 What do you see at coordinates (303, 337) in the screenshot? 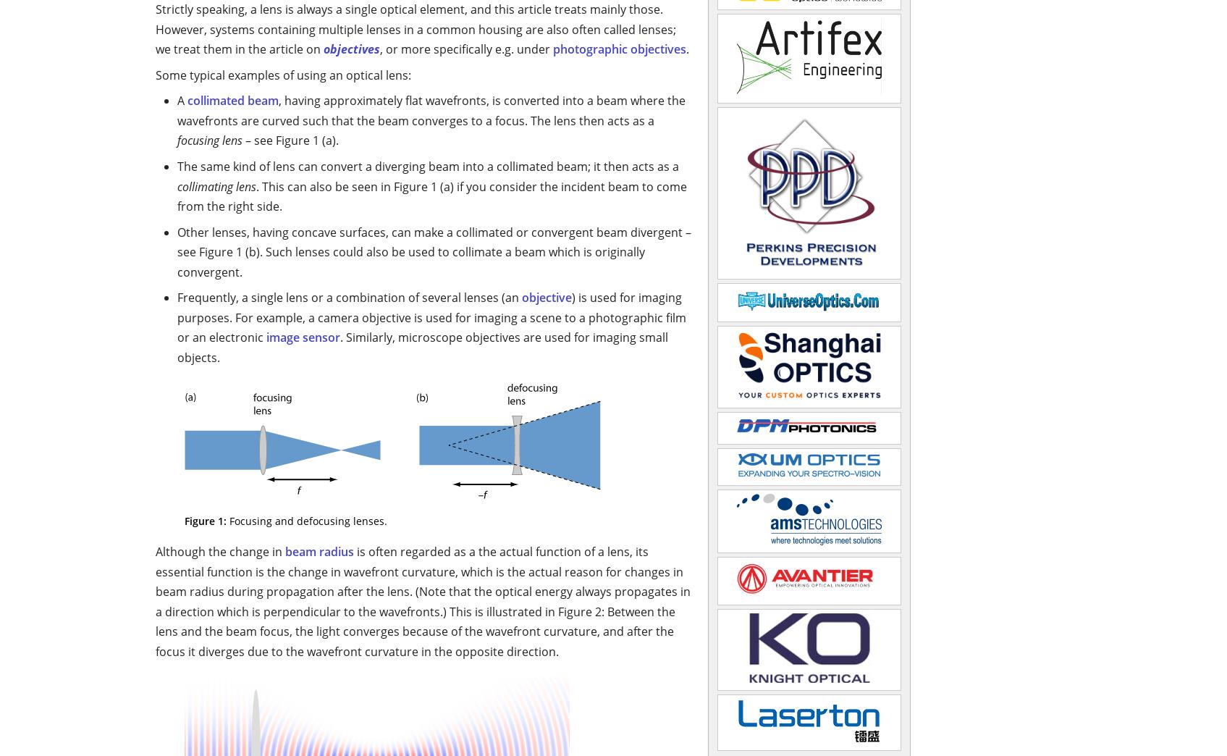
I see `'image sensor'` at bounding box center [303, 337].